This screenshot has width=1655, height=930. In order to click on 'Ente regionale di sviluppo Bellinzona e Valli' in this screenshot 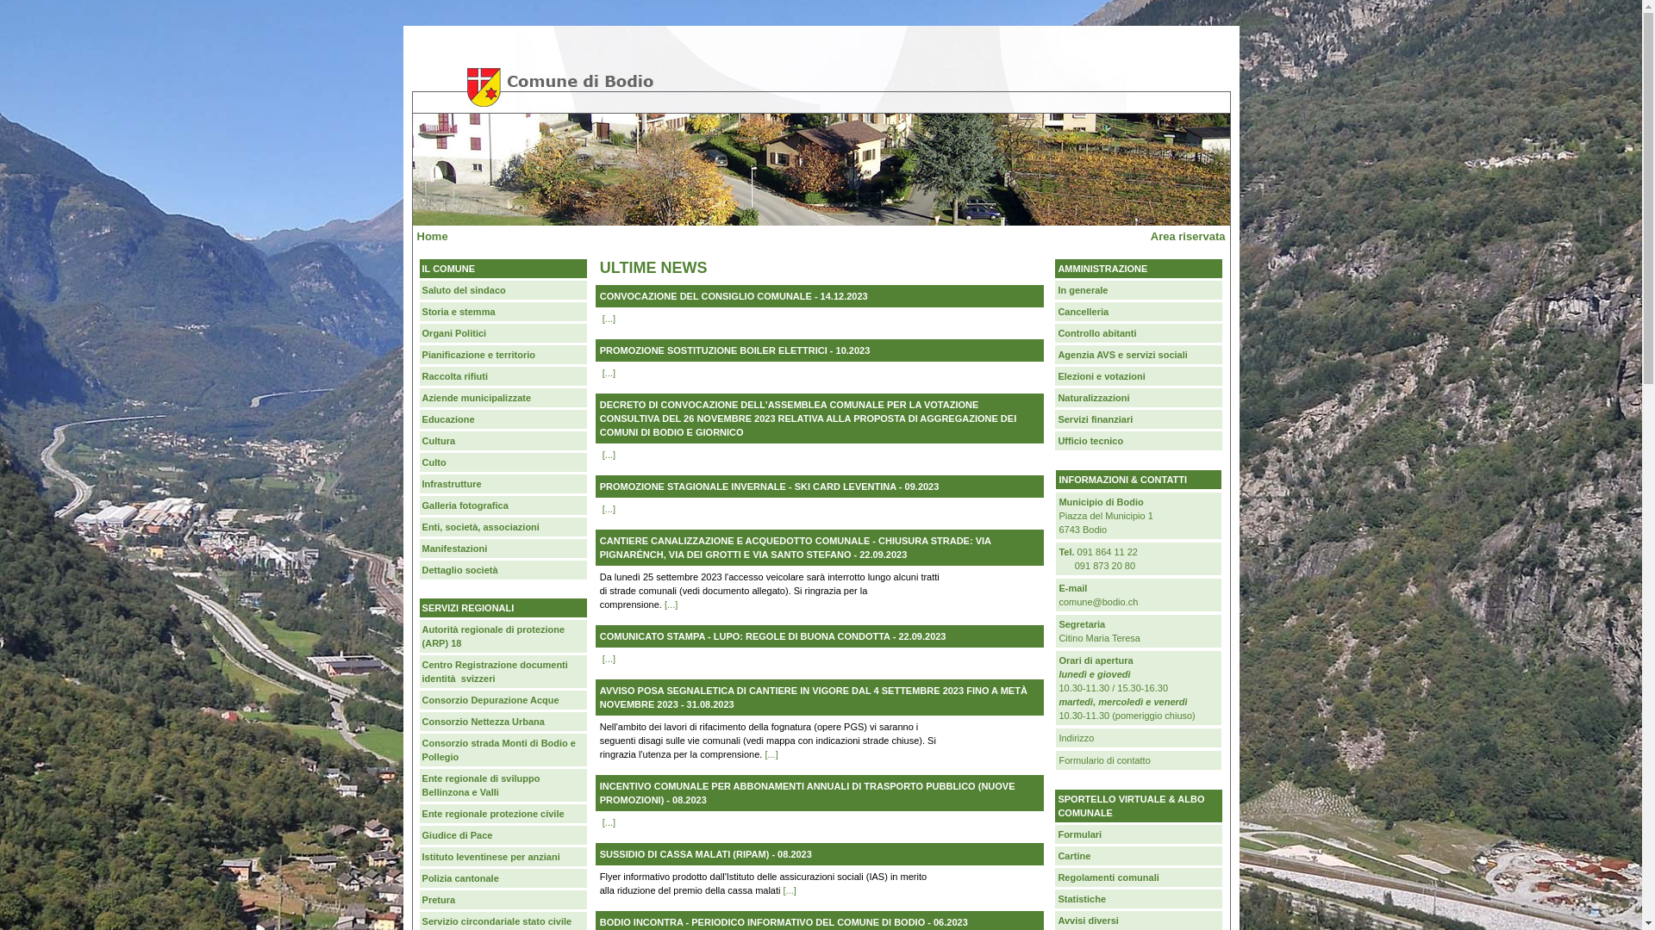, I will do `click(419, 784)`.